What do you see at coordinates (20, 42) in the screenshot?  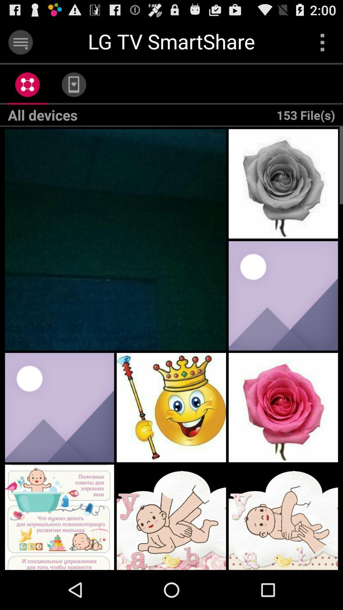 I see `display menu options` at bounding box center [20, 42].